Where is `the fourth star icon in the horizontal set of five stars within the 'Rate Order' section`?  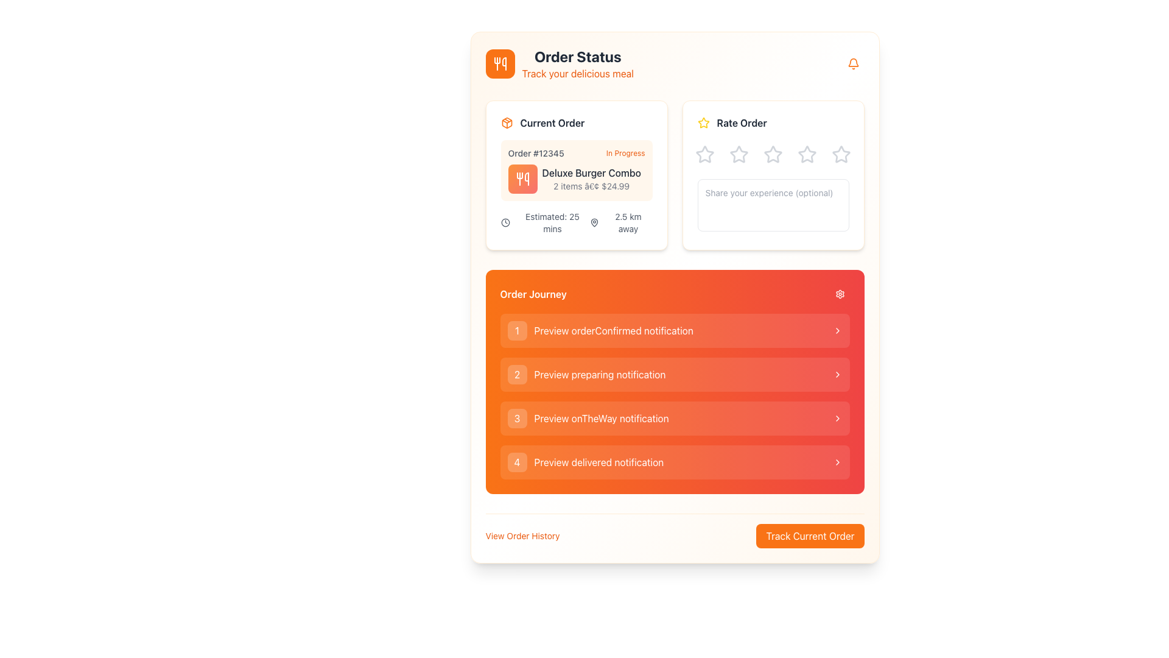
the fourth star icon in the horizontal set of five stars within the 'Rate Order' section is located at coordinates (807, 154).